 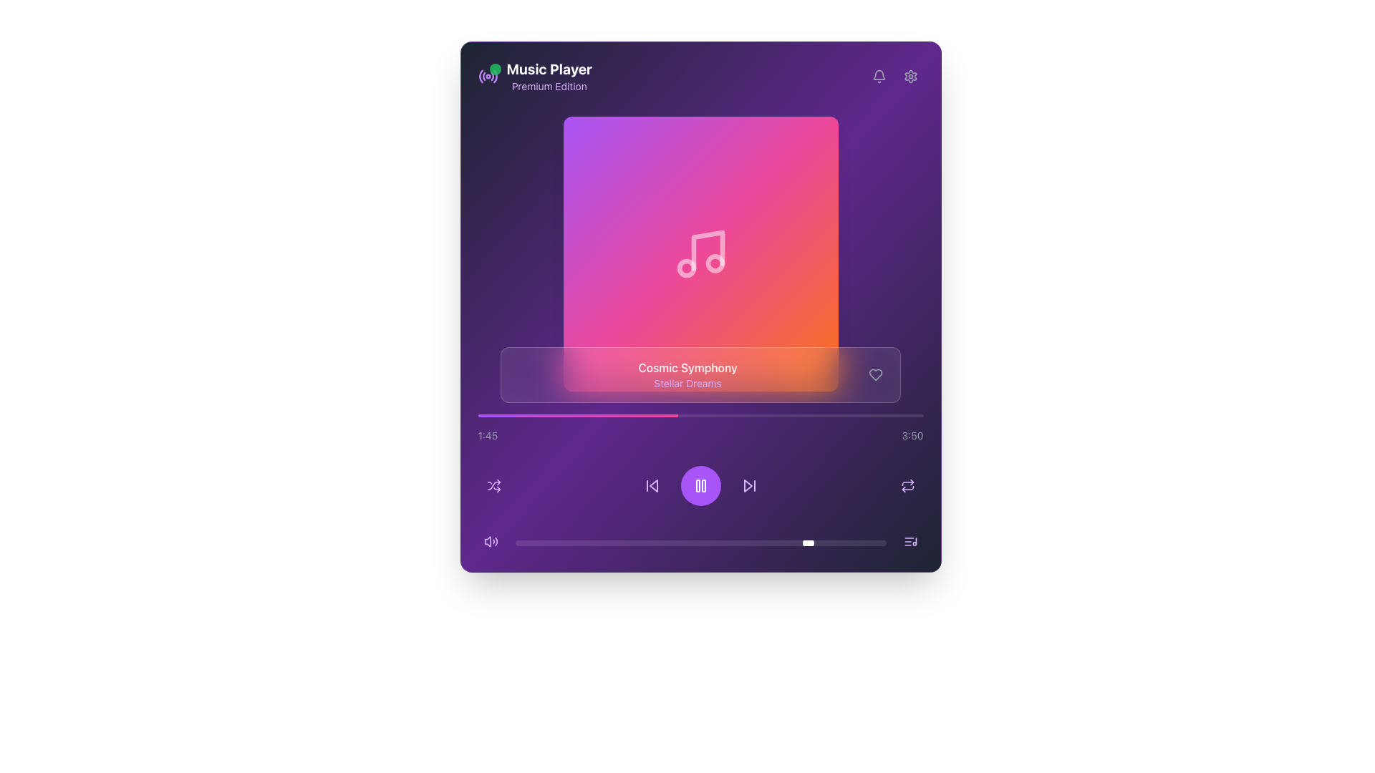 I want to click on the slider, so click(x=637, y=543).